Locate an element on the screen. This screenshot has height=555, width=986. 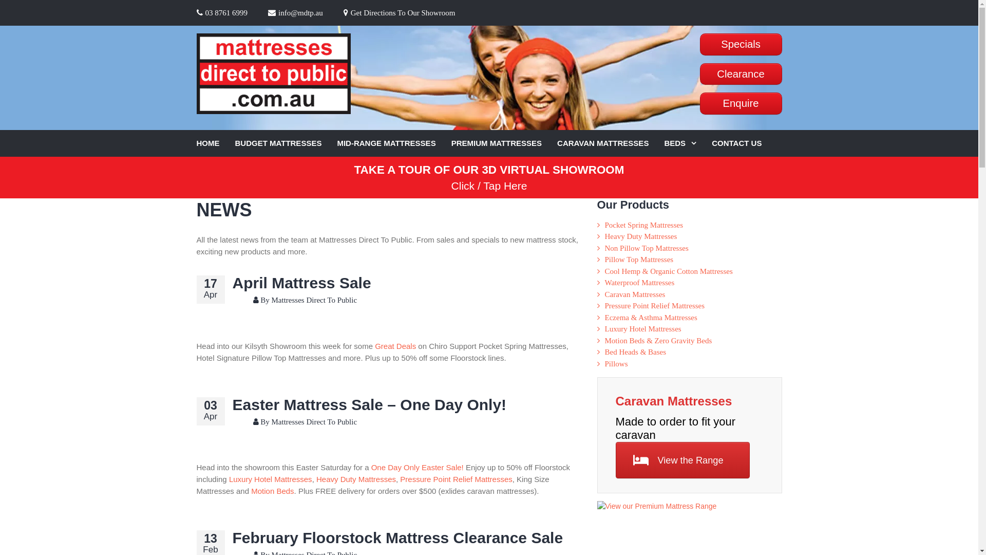
'CONTACT US' is located at coordinates (744, 143).